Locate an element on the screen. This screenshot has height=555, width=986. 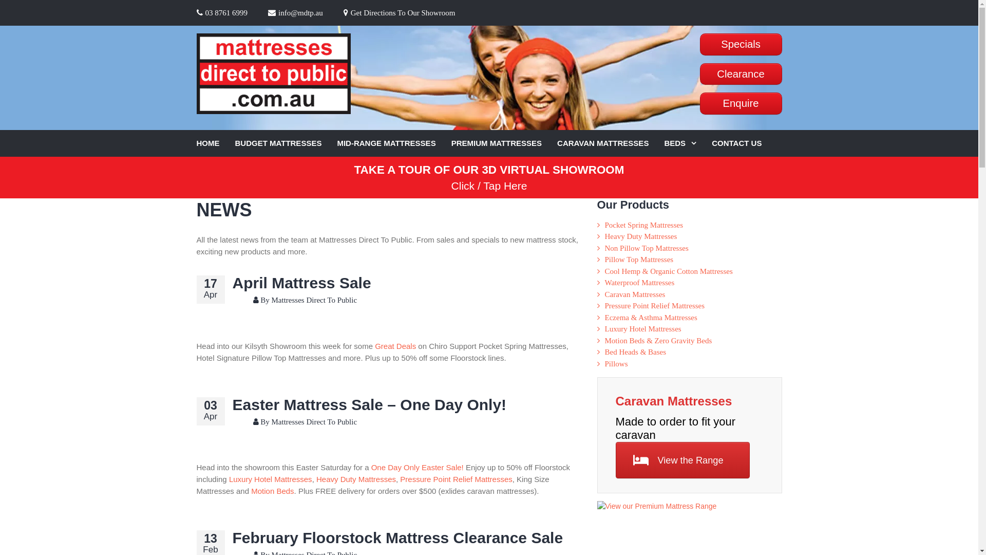
'CONTACT US' is located at coordinates (744, 143).